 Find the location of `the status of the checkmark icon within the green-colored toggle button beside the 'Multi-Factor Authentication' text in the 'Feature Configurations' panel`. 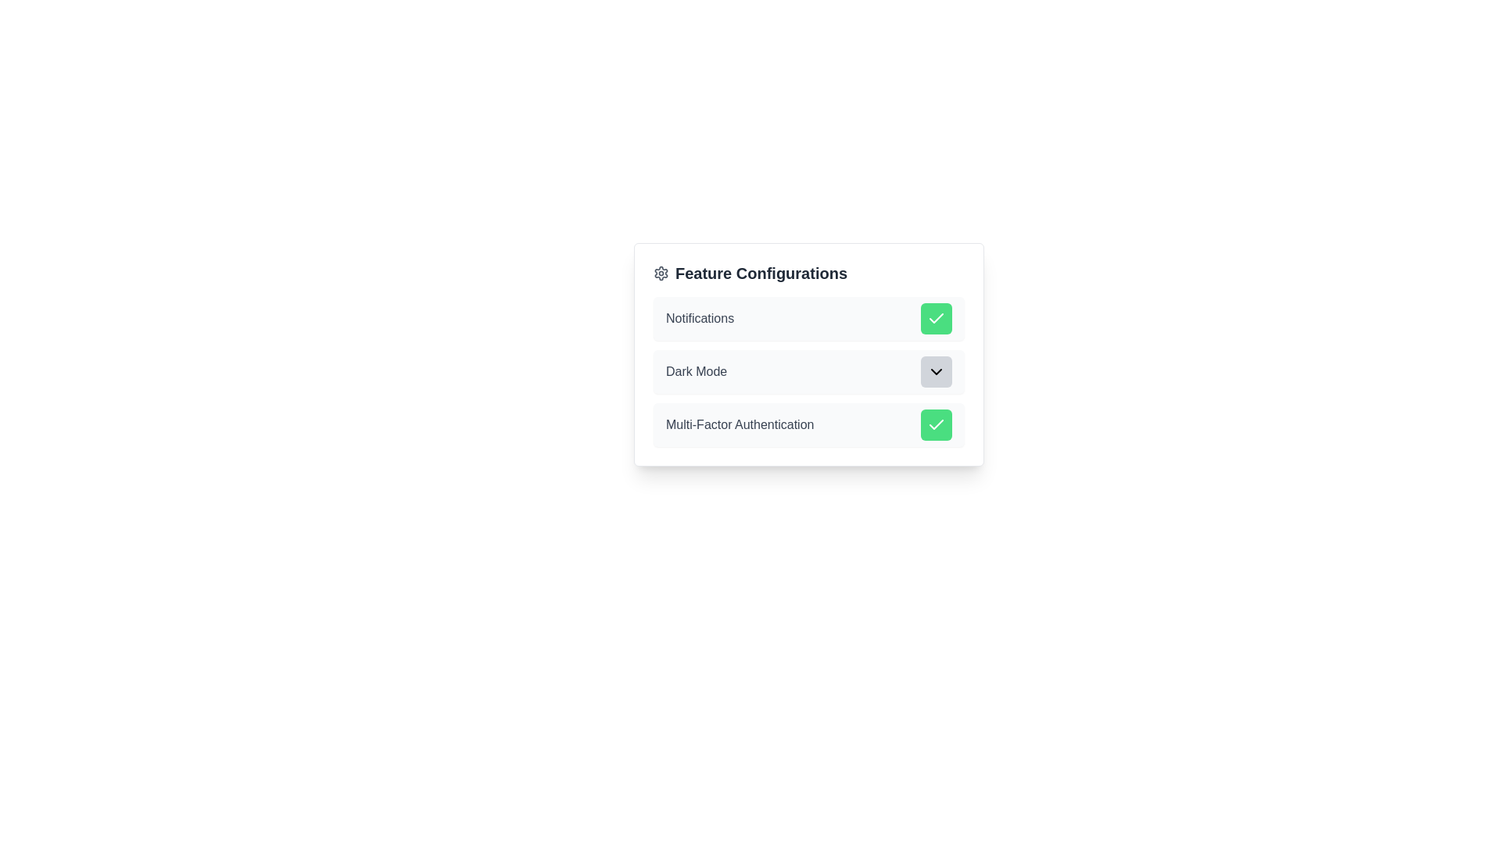

the status of the checkmark icon within the green-colored toggle button beside the 'Multi-Factor Authentication' text in the 'Feature Configurations' panel is located at coordinates (937, 317).